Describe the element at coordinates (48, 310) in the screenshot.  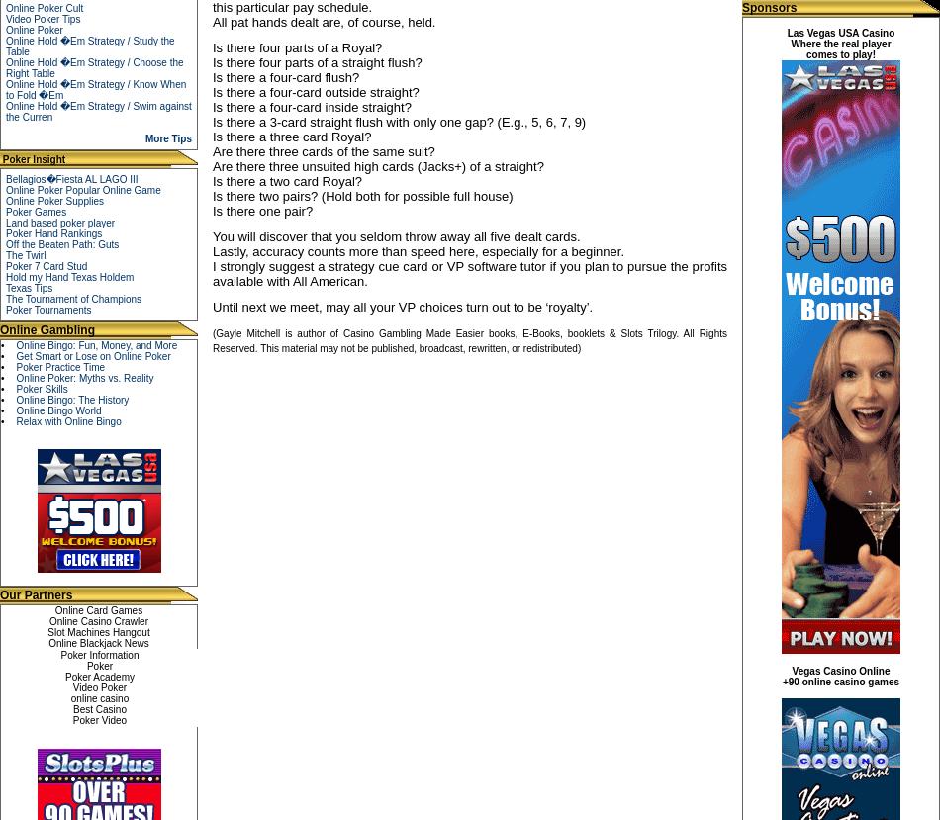
I see `'Poker Tournaments'` at that location.